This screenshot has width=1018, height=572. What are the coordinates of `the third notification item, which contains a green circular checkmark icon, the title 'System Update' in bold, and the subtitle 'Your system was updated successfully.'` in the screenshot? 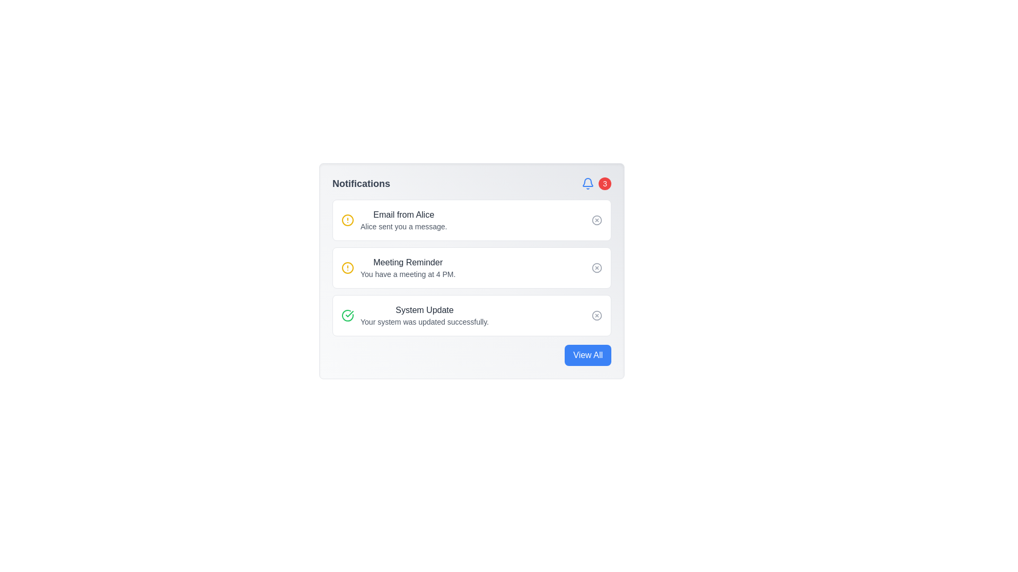 It's located at (414, 315).